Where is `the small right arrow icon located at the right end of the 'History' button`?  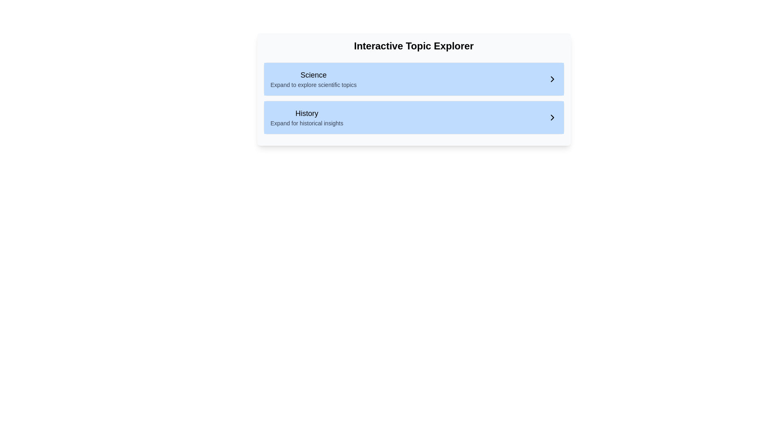
the small right arrow icon located at the right end of the 'History' button is located at coordinates (552, 118).